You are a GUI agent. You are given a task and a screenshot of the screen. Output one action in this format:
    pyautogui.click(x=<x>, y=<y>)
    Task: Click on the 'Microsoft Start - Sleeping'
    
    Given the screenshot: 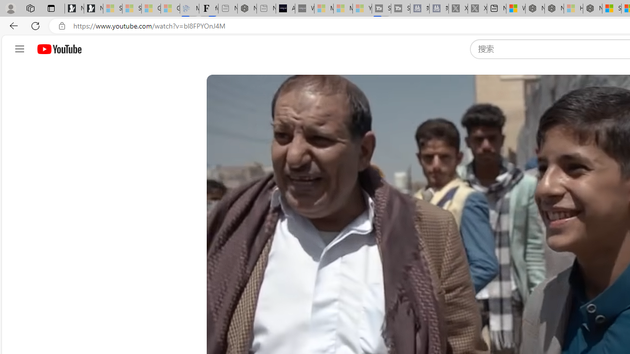 What is the action you would take?
    pyautogui.click(x=343, y=8)
    